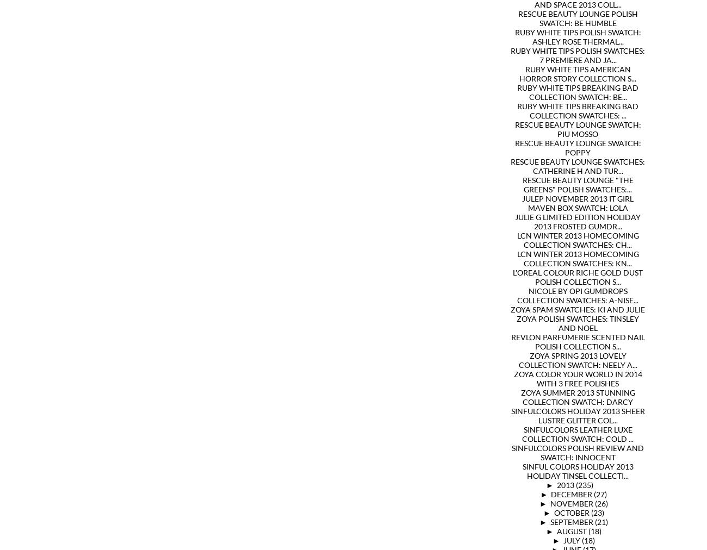  Describe the element at coordinates (572, 522) in the screenshot. I see `'September'` at that location.